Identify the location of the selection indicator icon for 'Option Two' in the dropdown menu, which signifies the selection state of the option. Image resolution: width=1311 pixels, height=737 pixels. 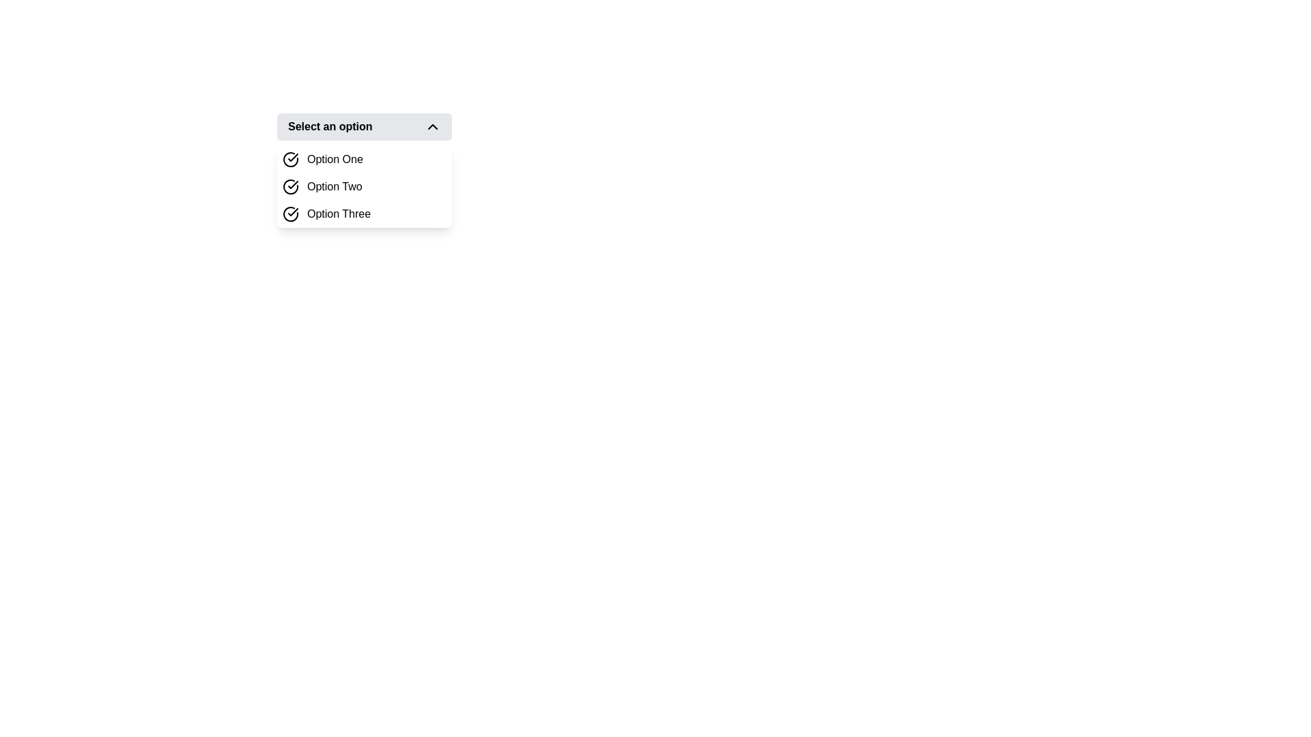
(290, 186).